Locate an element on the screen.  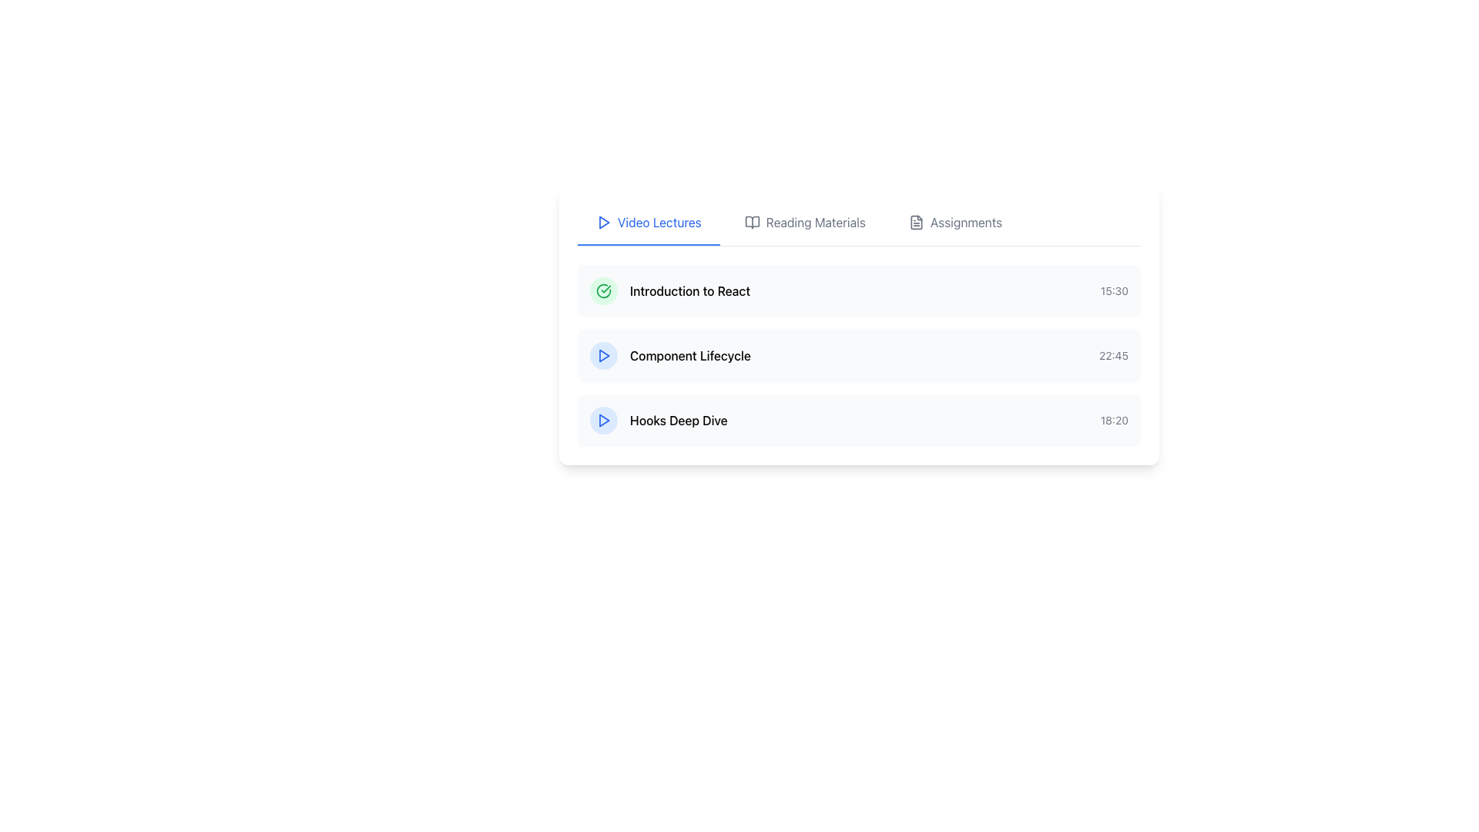
the small, circular Play button with a light blue background and a dark blue play triangle located to the immediate left of the text 'Component Lifecycle' is located at coordinates (602, 356).